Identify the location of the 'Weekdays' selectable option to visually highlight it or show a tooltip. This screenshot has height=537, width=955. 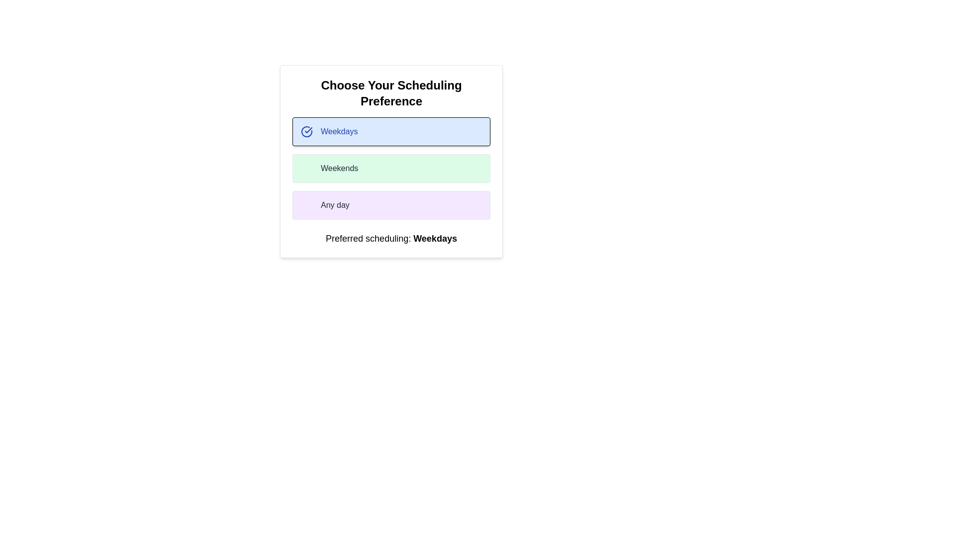
(391, 131).